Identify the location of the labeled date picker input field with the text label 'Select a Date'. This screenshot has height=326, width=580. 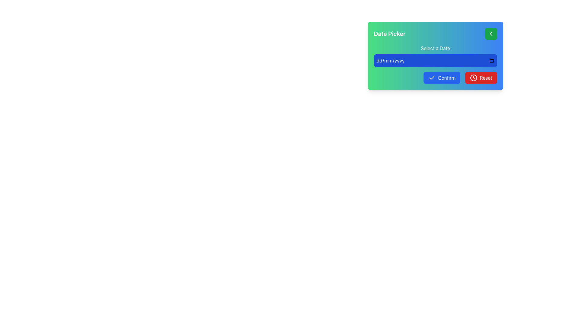
(435, 56).